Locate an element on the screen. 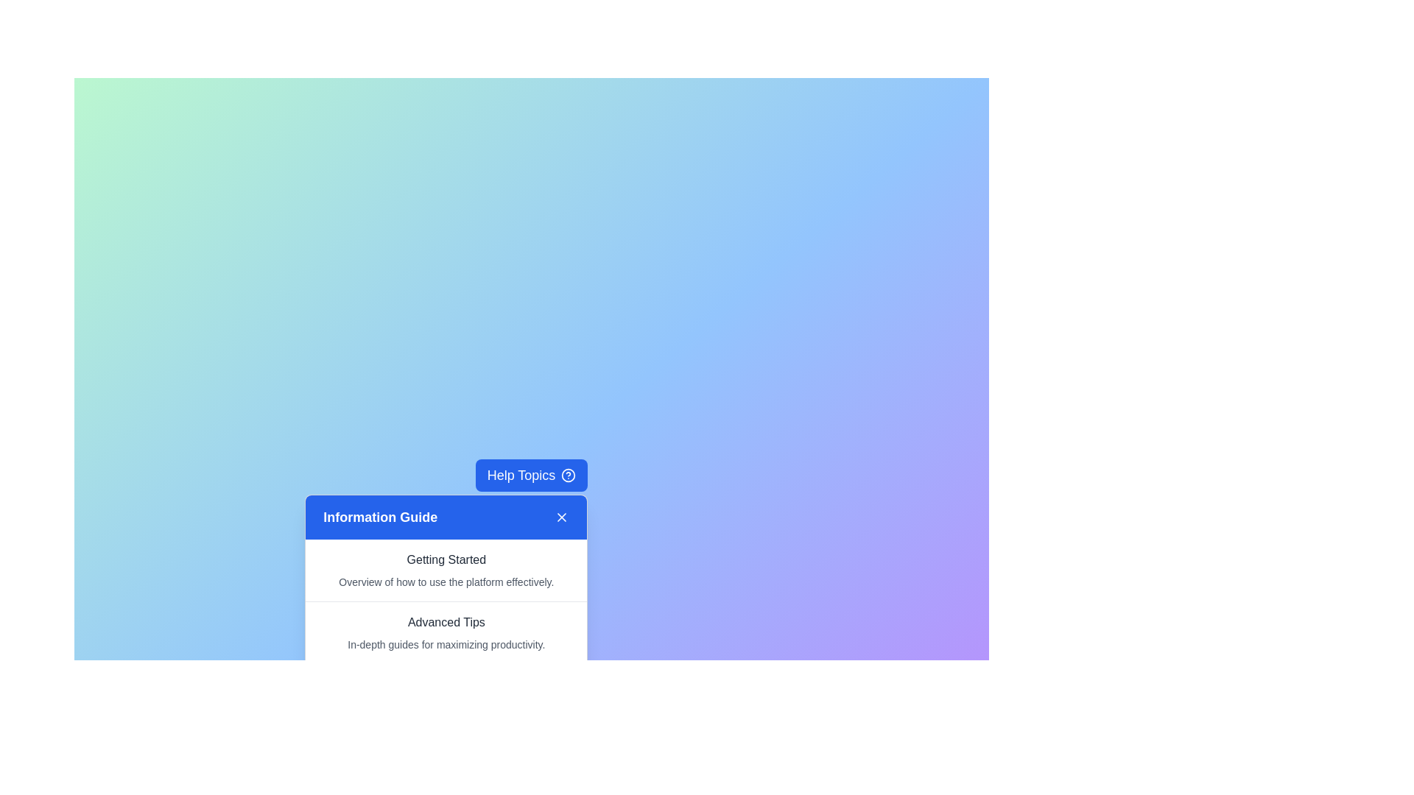  the Text label that provides a brief description below the 'Getting Started' heading within the 'Information Guide' card layout is located at coordinates (446, 581).